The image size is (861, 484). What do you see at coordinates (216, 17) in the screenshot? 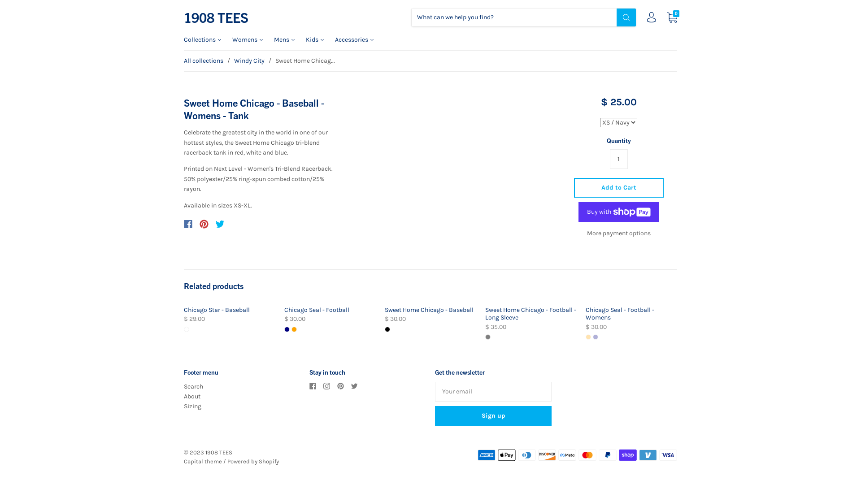
I see `'1908 TEES'` at bounding box center [216, 17].